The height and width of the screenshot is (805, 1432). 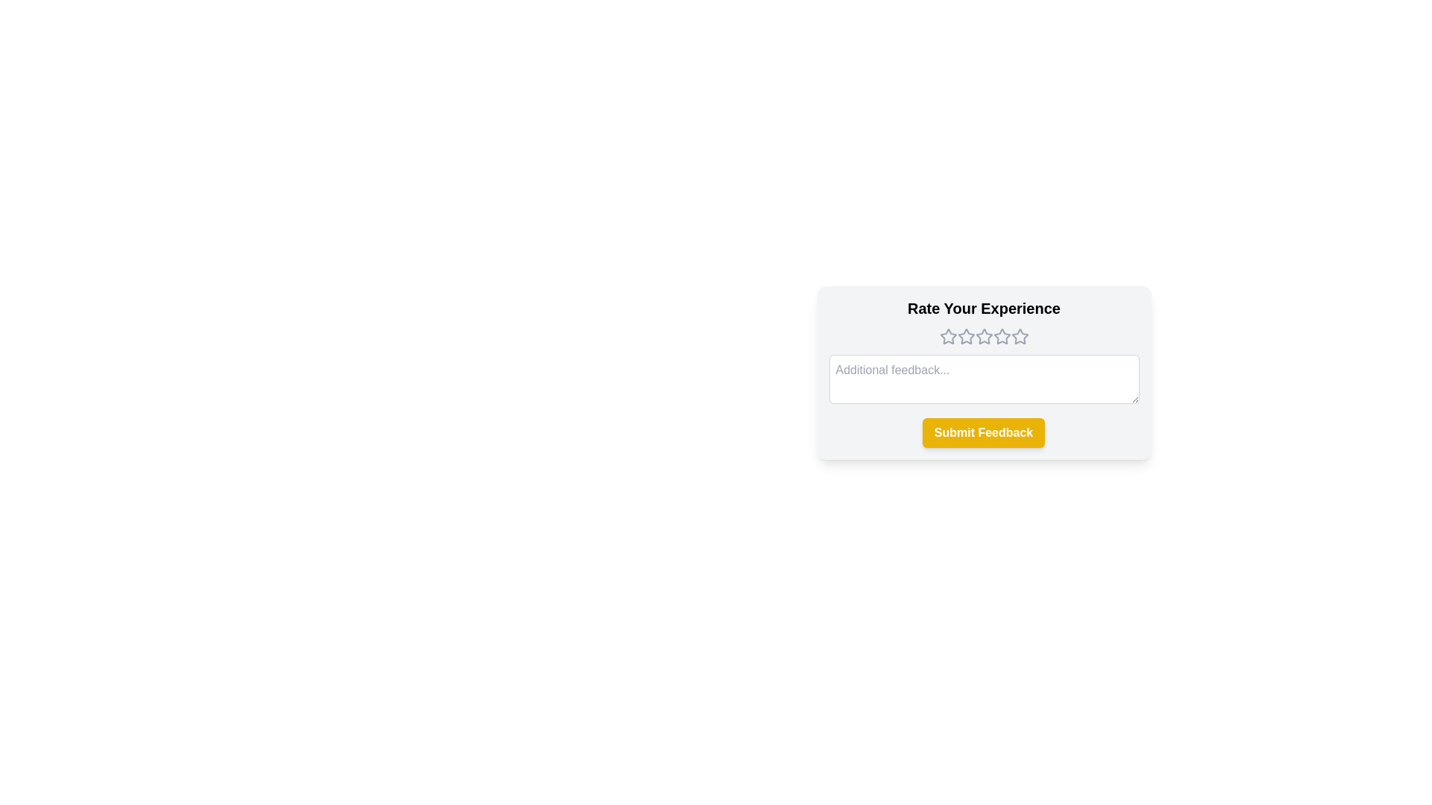 I want to click on the feedback submission button located at the bottom of the card-like structure with a light gray background, so click(x=984, y=433).